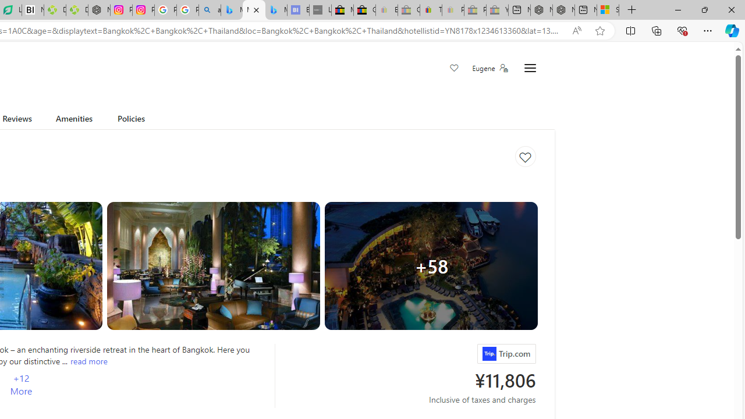  What do you see at coordinates (475, 10) in the screenshot?
I see `'Press Room - eBay Inc. - Sleeping'` at bounding box center [475, 10].